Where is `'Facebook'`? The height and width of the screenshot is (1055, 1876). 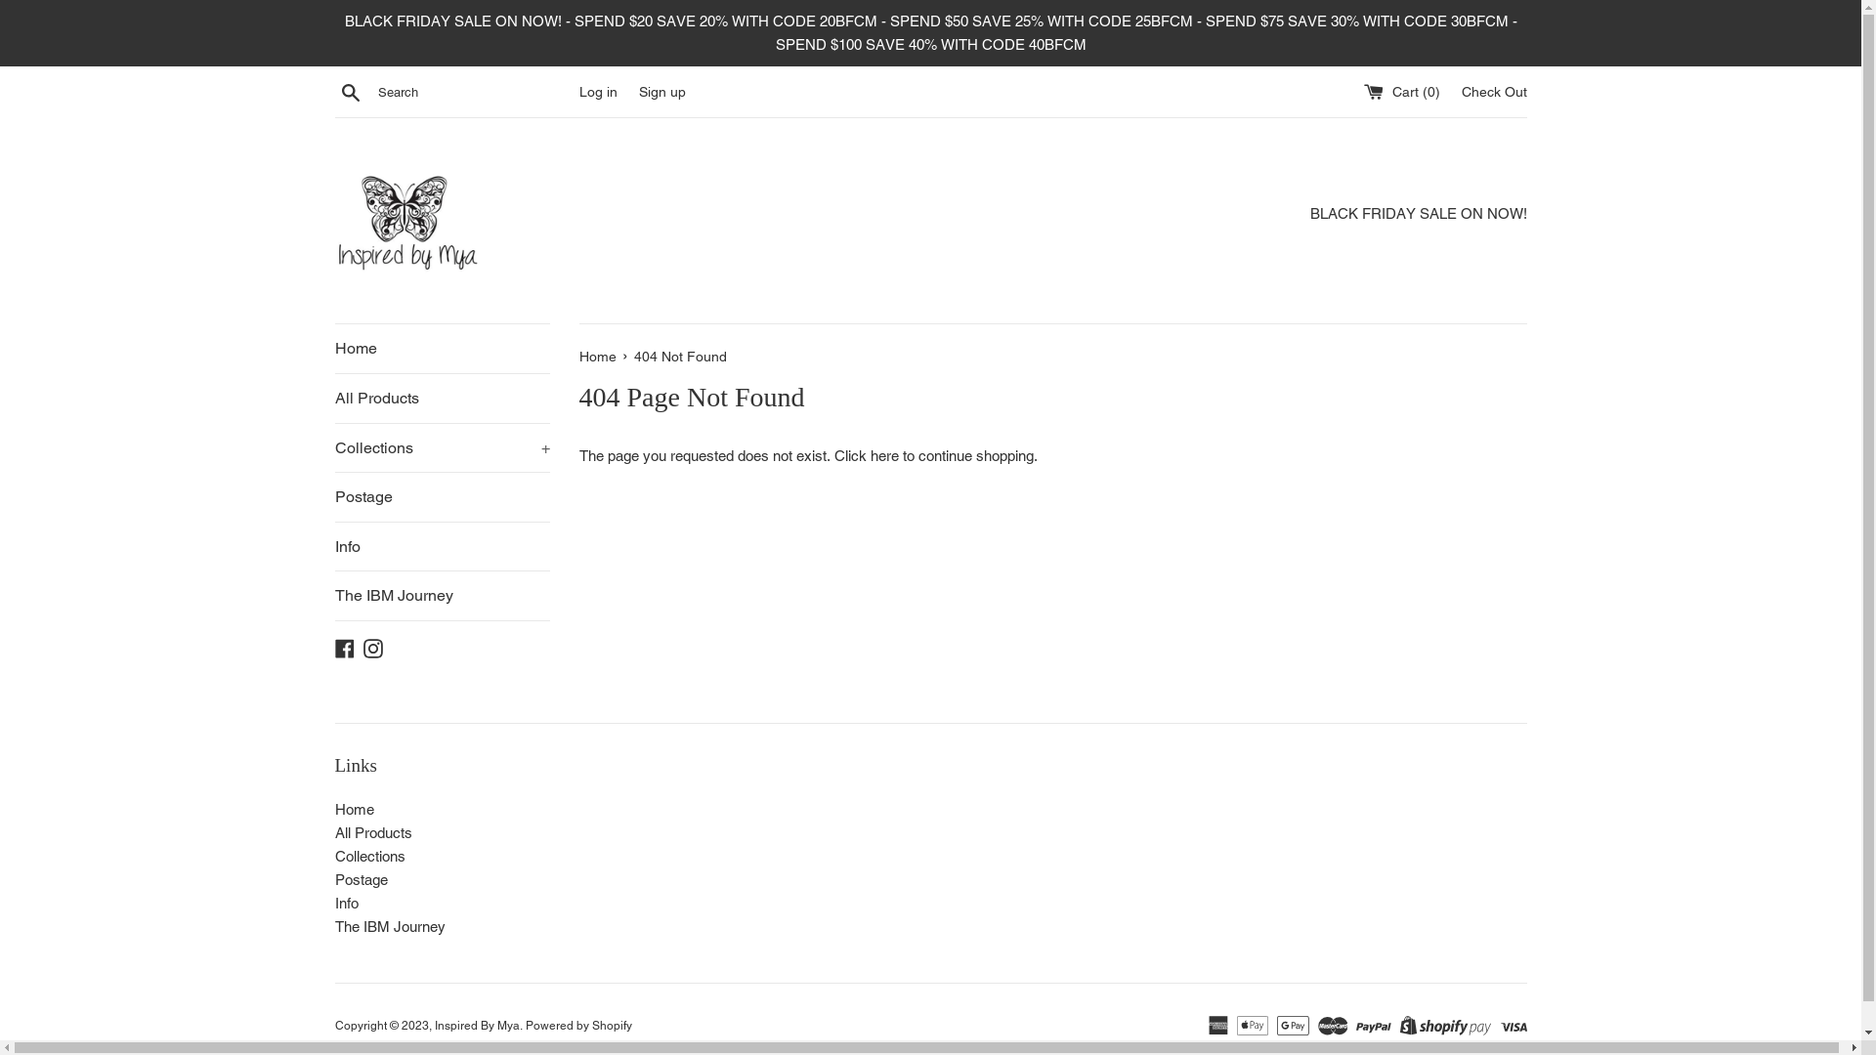 'Facebook' is located at coordinates (343, 647).